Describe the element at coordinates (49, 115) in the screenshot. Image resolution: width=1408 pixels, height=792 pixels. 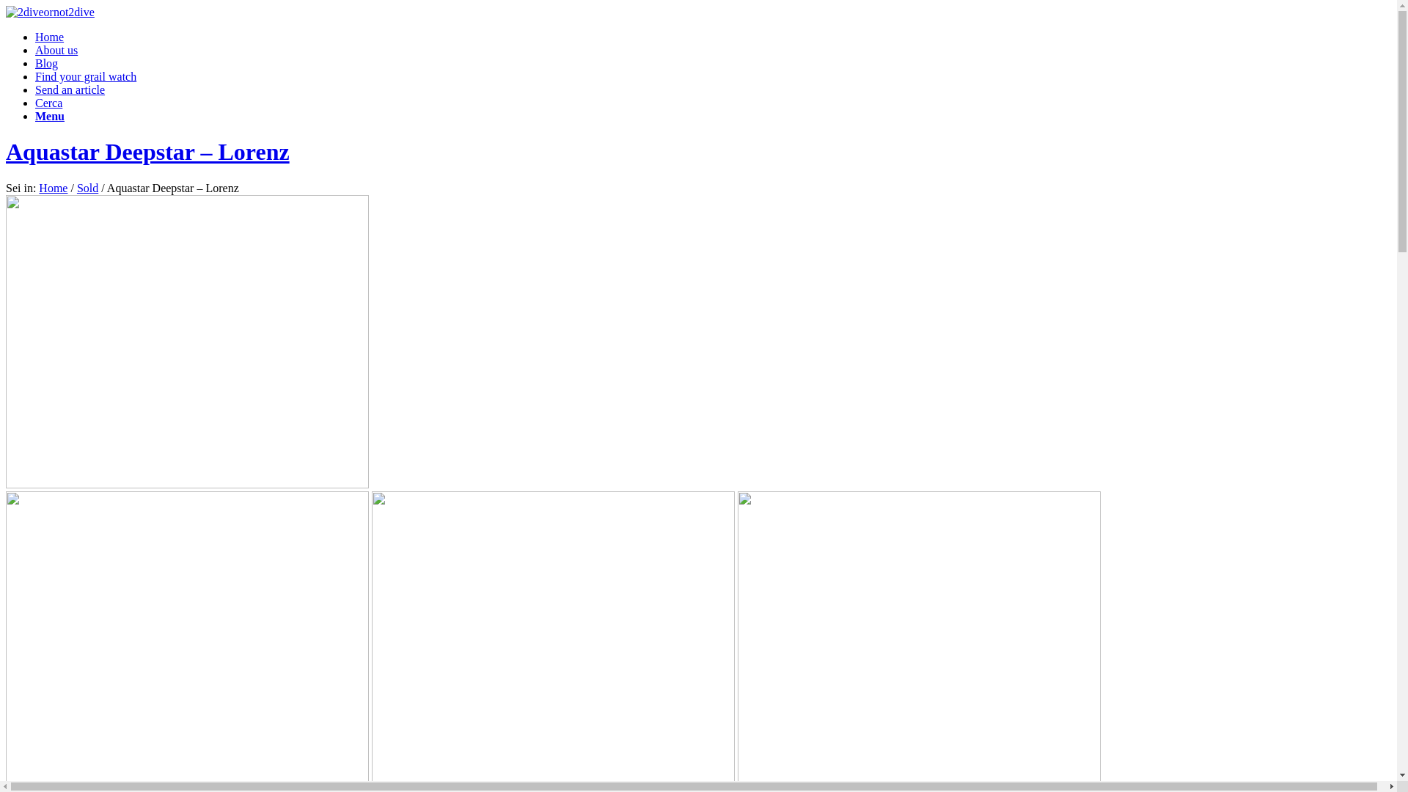
I see `'Menu'` at that location.